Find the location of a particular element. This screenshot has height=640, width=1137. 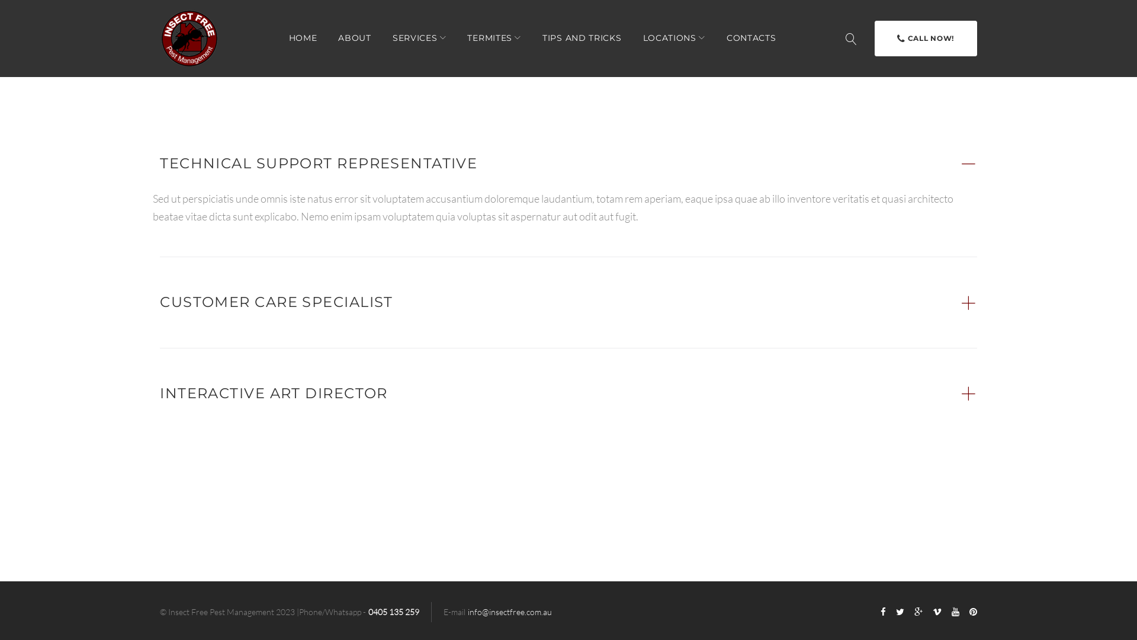

'YouTube' is located at coordinates (955, 612).